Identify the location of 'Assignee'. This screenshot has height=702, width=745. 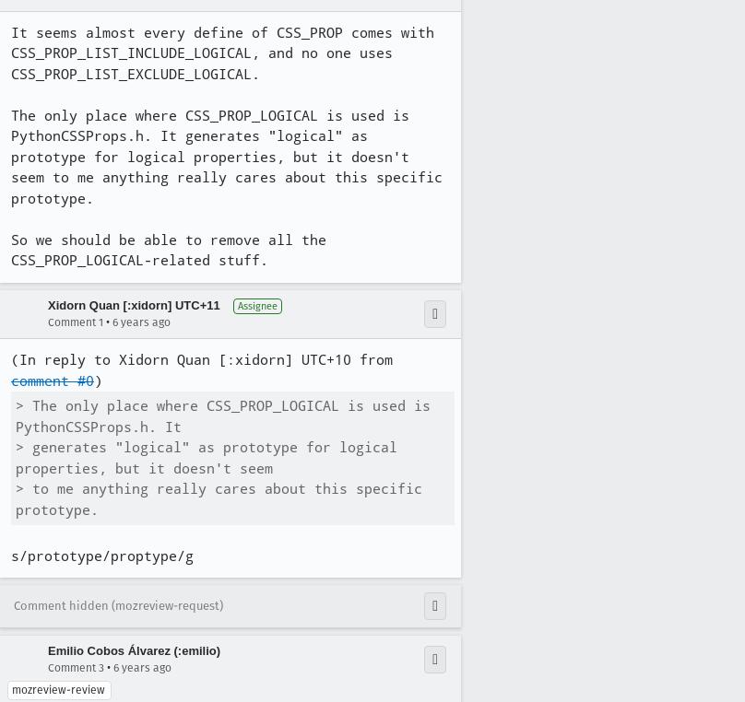
(237, 305).